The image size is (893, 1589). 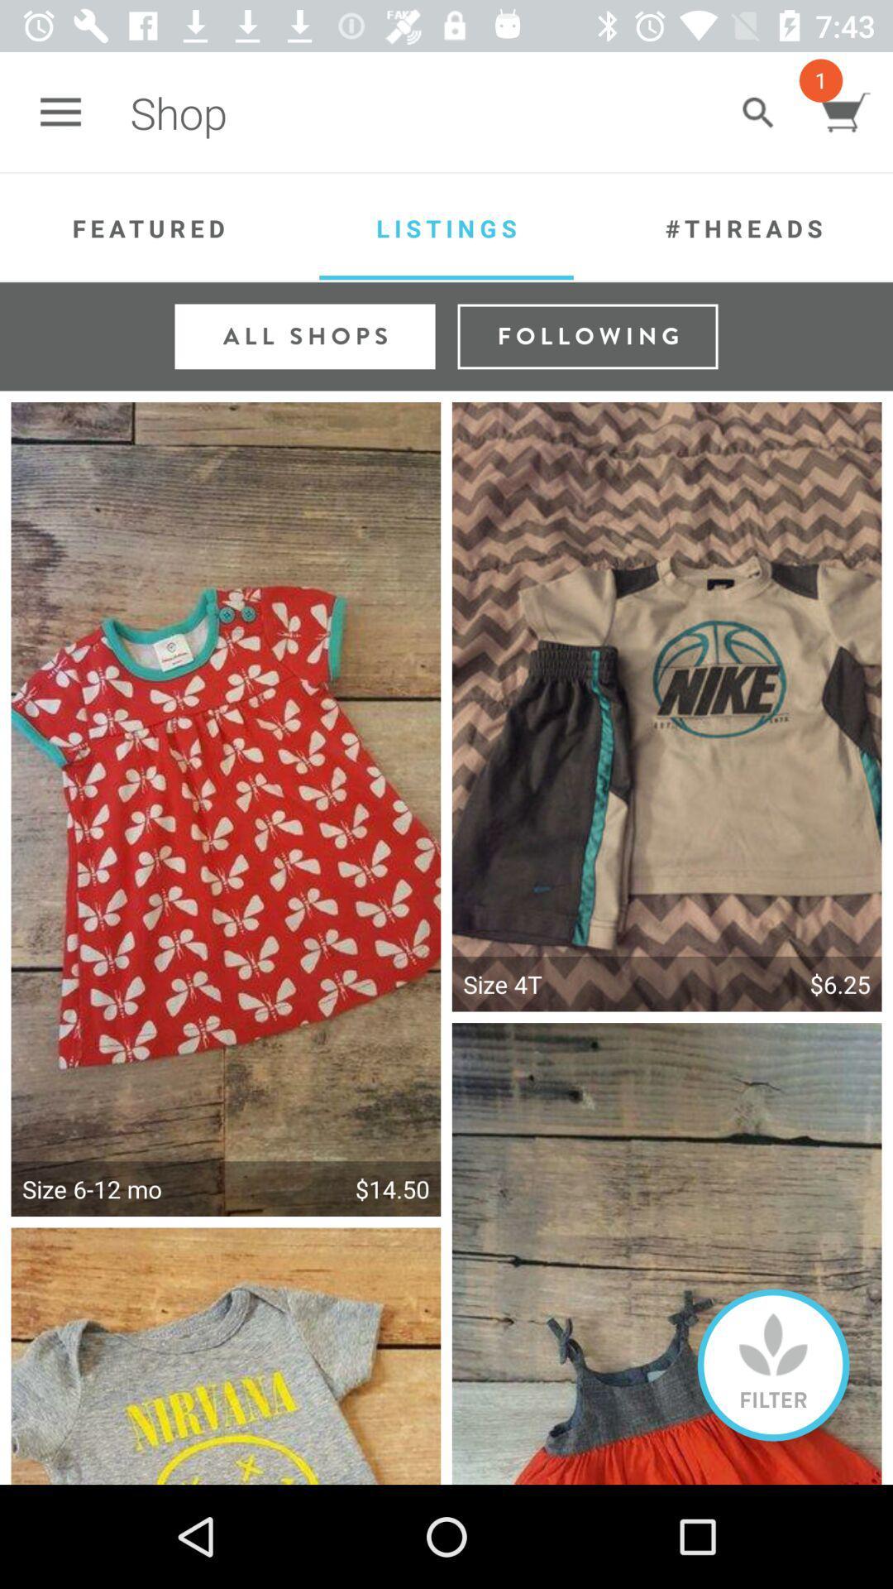 What do you see at coordinates (60, 112) in the screenshot?
I see `the icon to the left of shop app` at bounding box center [60, 112].